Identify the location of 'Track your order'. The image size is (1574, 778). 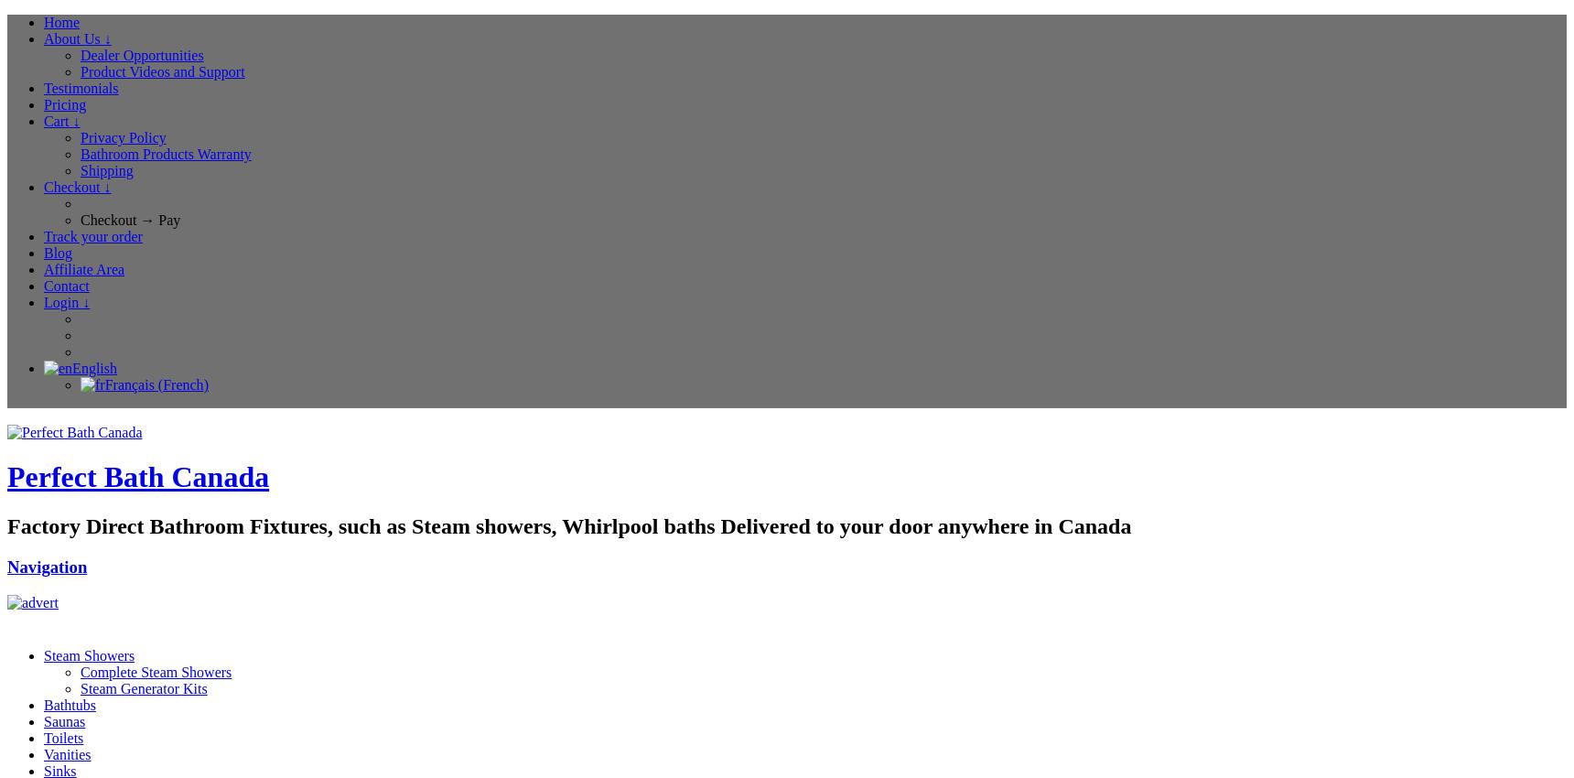
(92, 235).